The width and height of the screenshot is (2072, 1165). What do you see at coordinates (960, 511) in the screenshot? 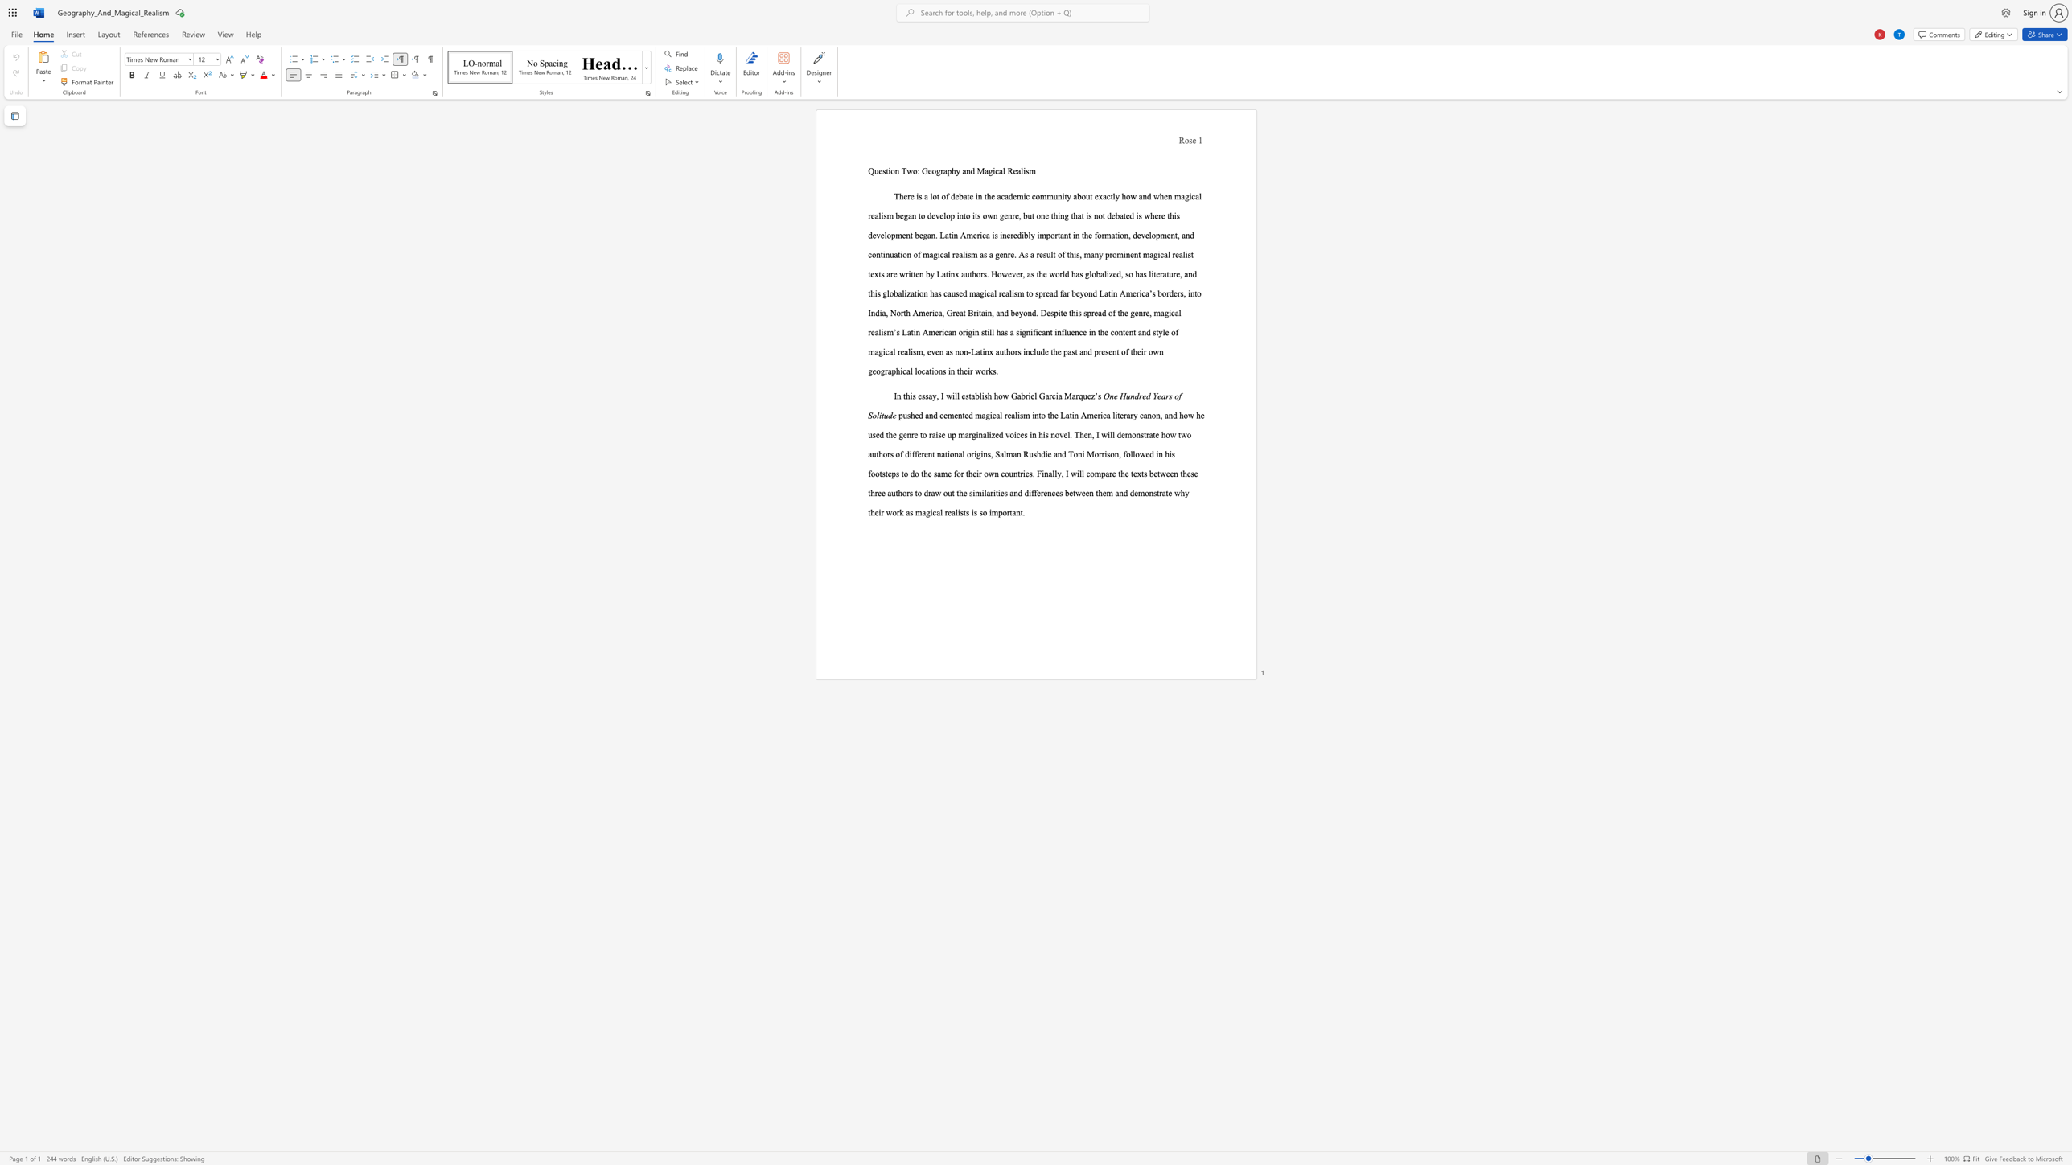
I see `the subset text "sts is so importa" within the text "why their work as magical realists is so important."` at bounding box center [960, 511].